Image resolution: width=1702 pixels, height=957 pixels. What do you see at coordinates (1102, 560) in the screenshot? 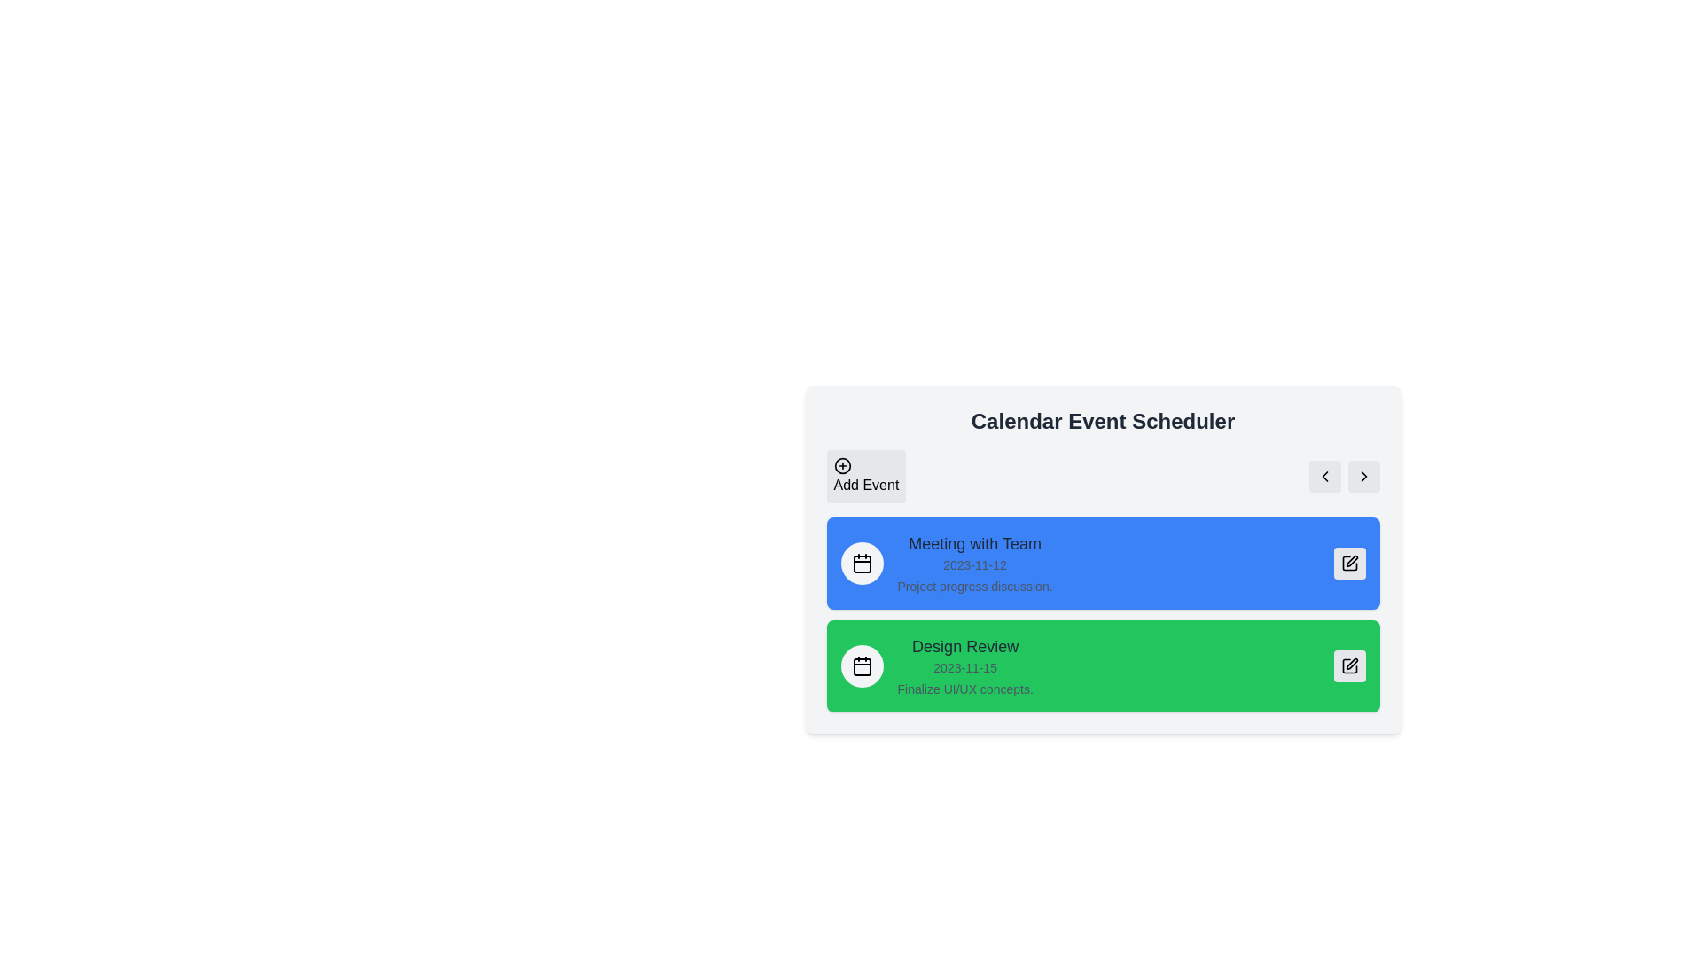
I see `the first Event card in the Calendar Event Scheduler` at bounding box center [1102, 560].